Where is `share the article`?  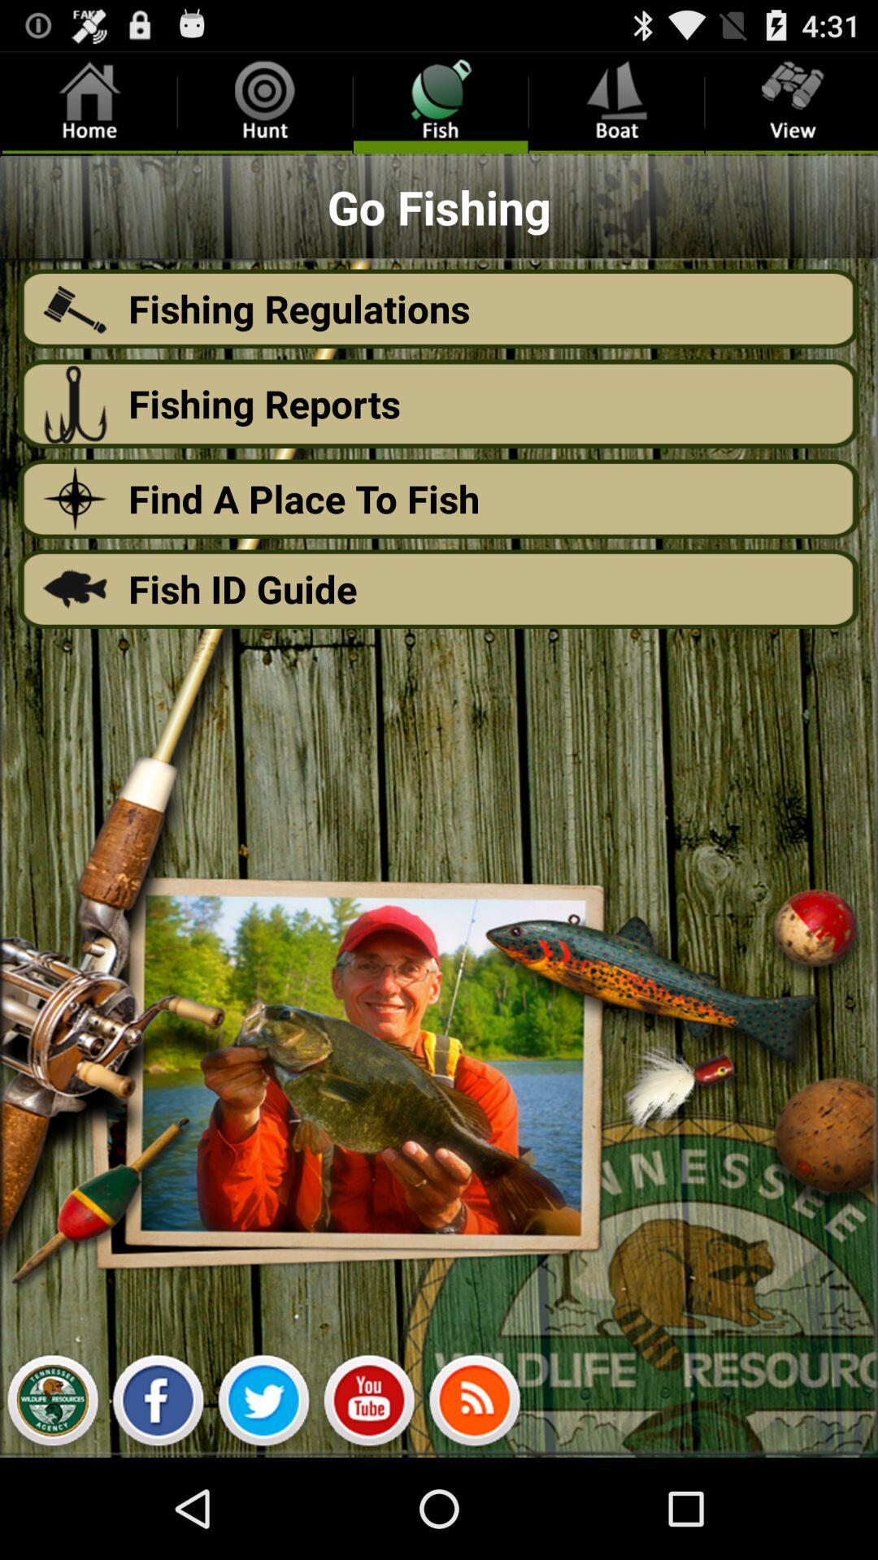
share the article is located at coordinates (158, 1404).